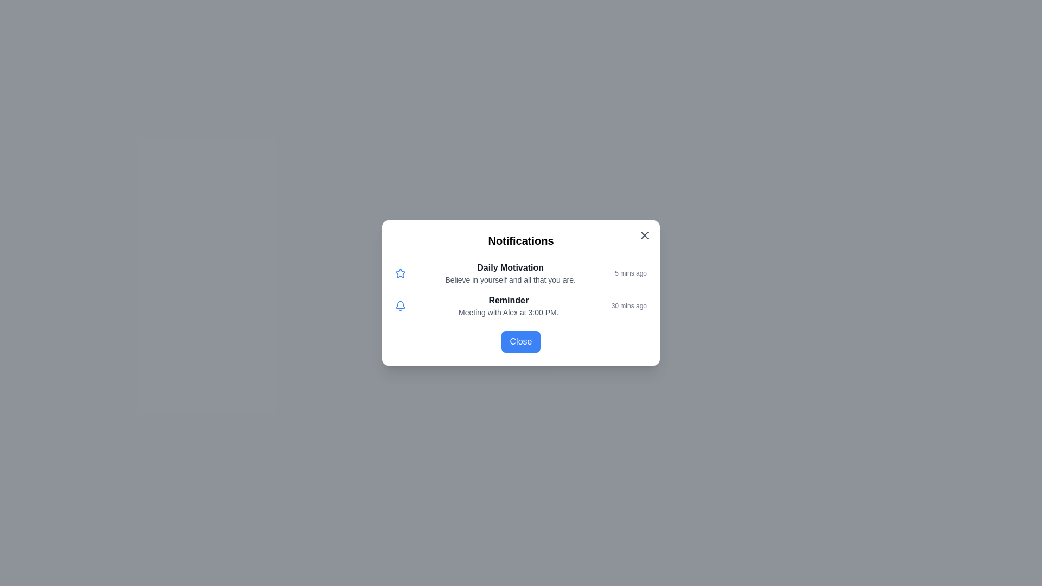 This screenshot has height=586, width=1042. Describe the element at coordinates (521, 341) in the screenshot. I see `the 'Close' button to close the notification dialog` at that location.